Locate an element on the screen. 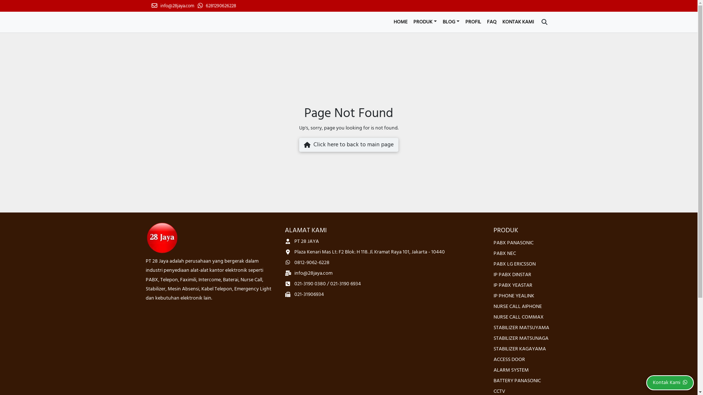 The image size is (703, 395). 'info@28jaya.com' is located at coordinates (172, 6).